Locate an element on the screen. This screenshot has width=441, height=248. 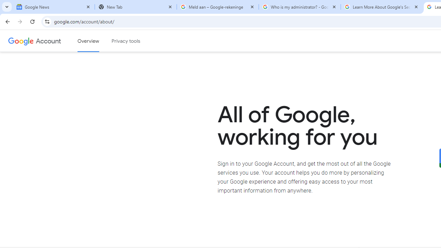
'New Tab' is located at coordinates (136, 7).